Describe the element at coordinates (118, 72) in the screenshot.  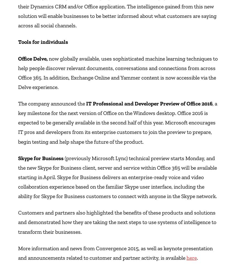
I see `'now globally available, uses sophisticated machine learning techniques to help people discover relevant documents, conversations and connections from across Office 365. In addition, Exchange Online and Yammer content is now accessible via the Delve experience.'` at that location.